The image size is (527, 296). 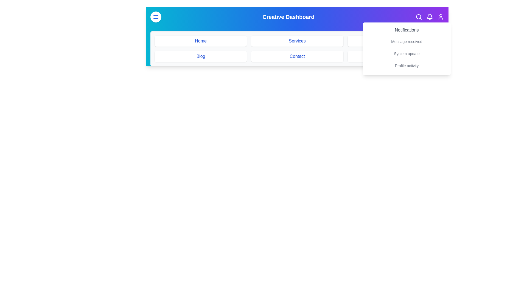 What do you see at coordinates (200, 41) in the screenshot?
I see `the menu item labeled 'Home' to highlight it` at bounding box center [200, 41].